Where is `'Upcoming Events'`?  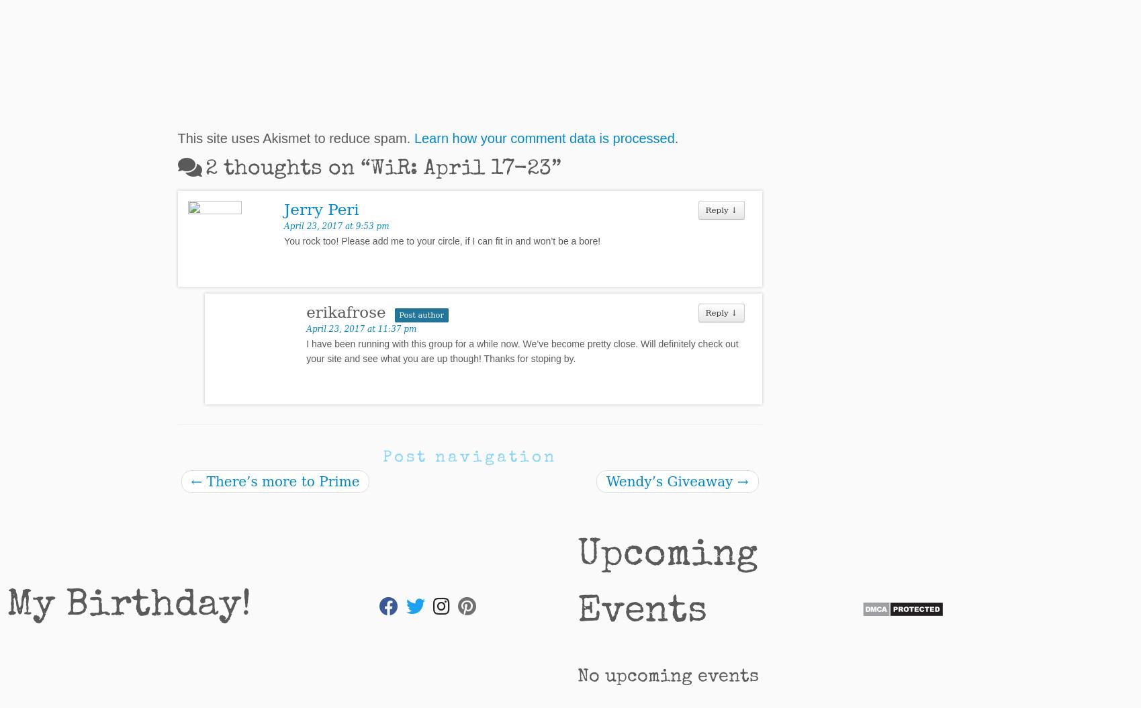
'Upcoming Events' is located at coordinates (667, 584).